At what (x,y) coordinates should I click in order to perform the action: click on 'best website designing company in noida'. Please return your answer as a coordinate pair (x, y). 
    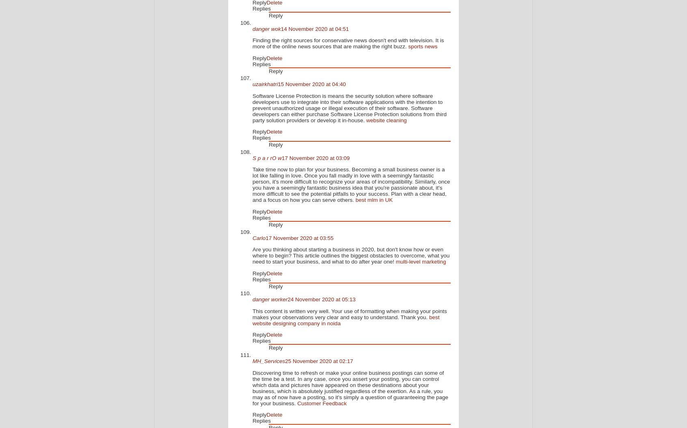
    Looking at the image, I should click on (345, 320).